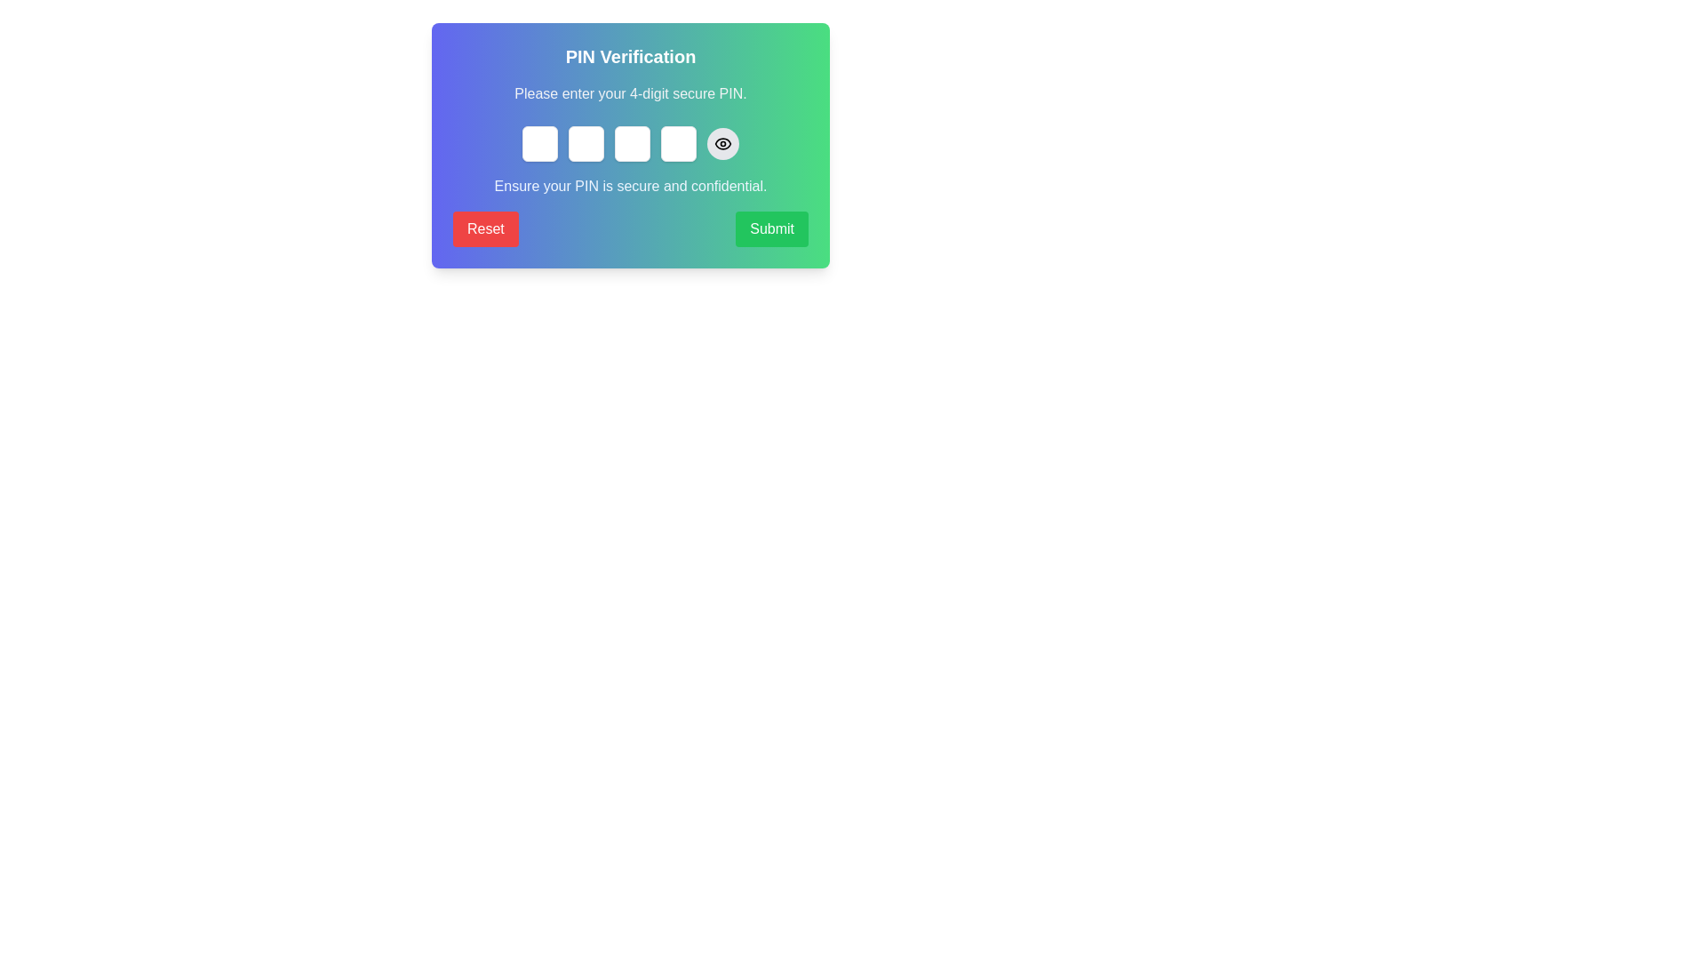 Image resolution: width=1706 pixels, height=960 pixels. Describe the element at coordinates (539, 143) in the screenshot. I see `the first Password input field used for entering a secure PIN code to focus on it` at that location.